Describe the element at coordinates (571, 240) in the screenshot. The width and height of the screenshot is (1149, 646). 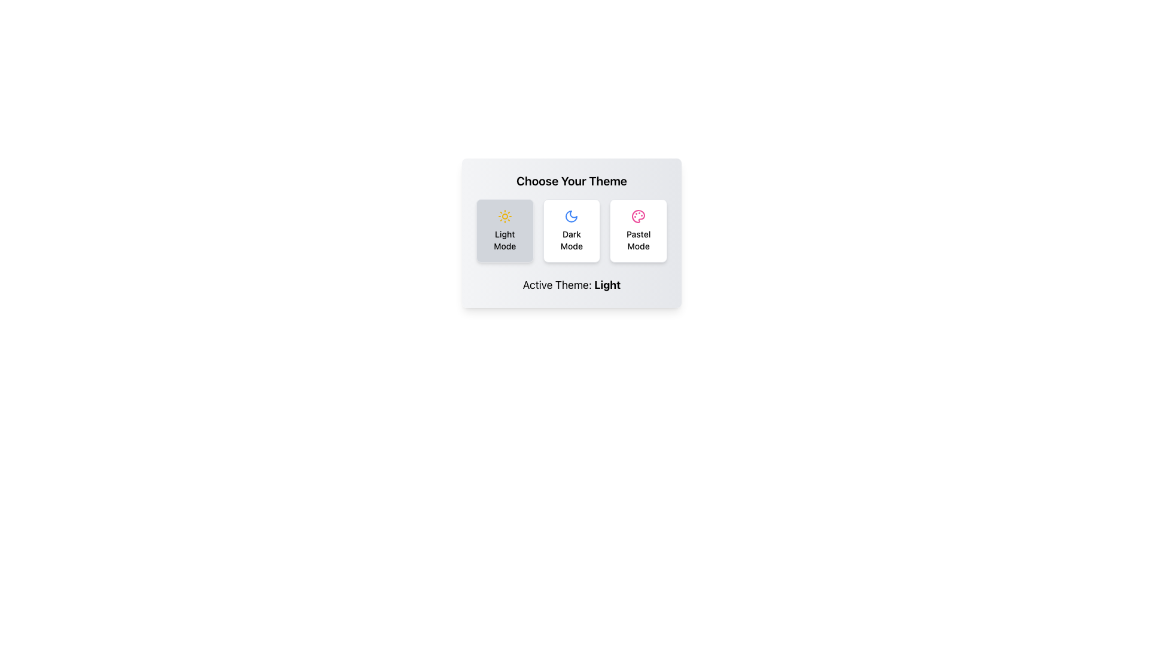
I see `the 'Dark Mode' text label, which is centrally aligned under the crescent moon icon in the theme selector interface` at that location.